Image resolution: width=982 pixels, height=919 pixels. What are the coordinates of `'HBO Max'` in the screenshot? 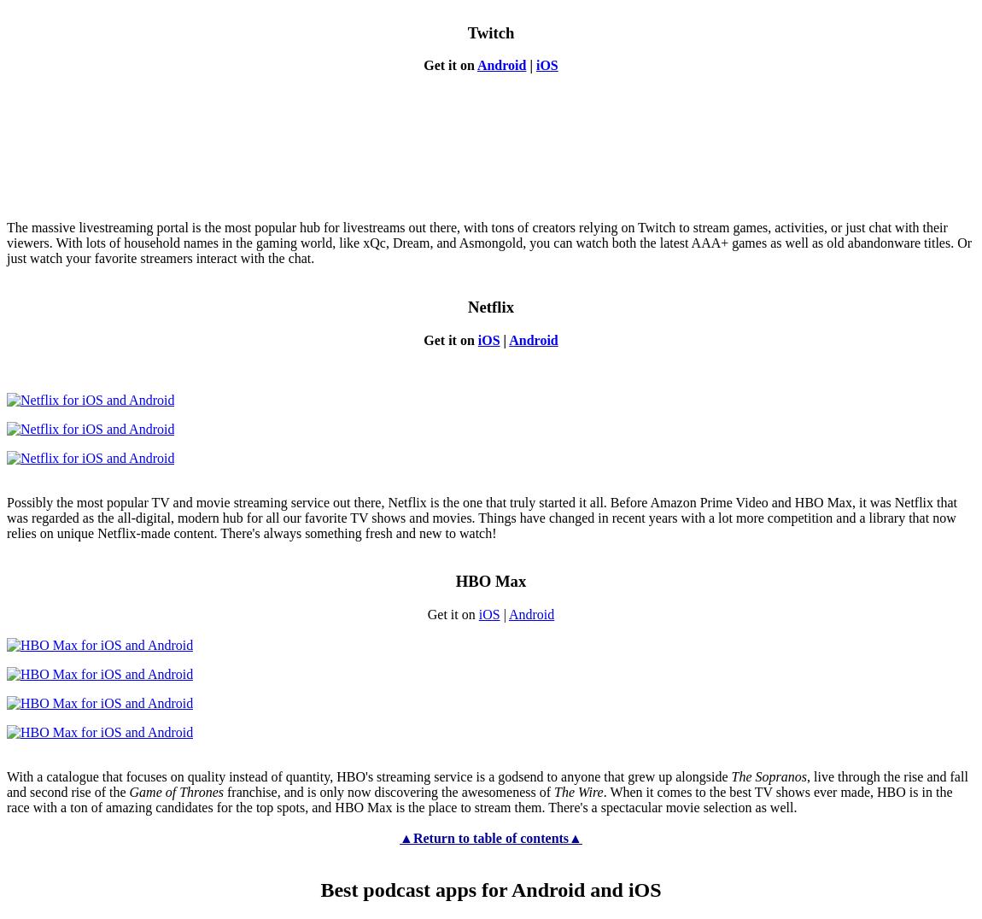 It's located at (455, 581).